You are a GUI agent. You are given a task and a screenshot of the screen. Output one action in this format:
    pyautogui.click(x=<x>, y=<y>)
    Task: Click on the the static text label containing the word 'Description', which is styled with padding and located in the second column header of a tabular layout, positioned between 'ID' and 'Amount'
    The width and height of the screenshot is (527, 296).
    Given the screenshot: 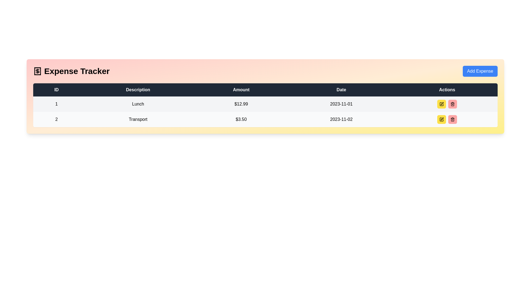 What is the action you would take?
    pyautogui.click(x=138, y=89)
    